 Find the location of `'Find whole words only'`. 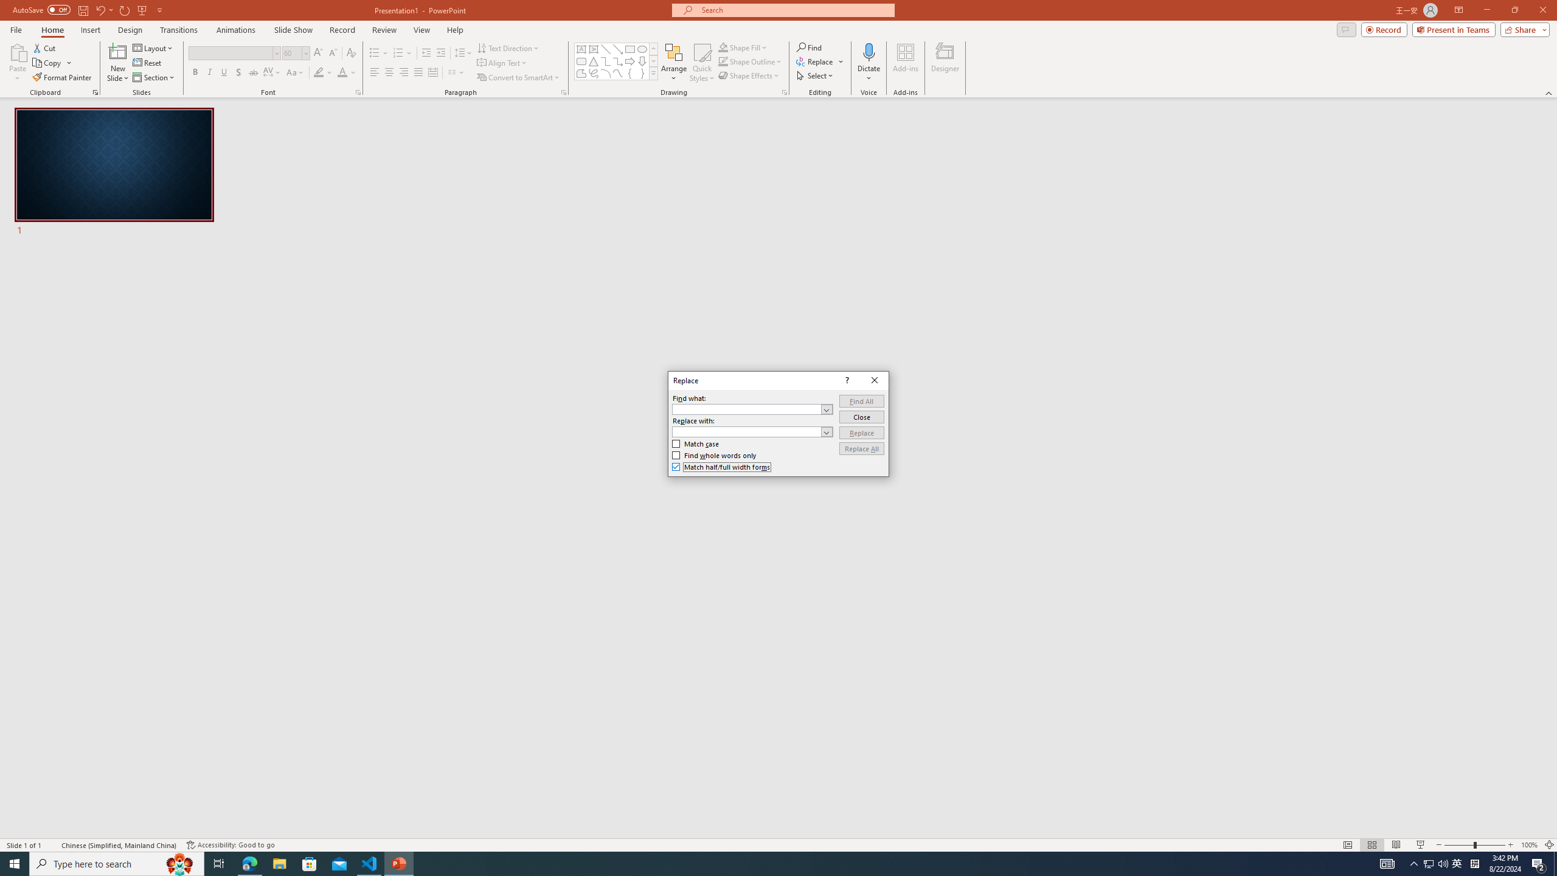

'Find whole words only' is located at coordinates (714, 455).